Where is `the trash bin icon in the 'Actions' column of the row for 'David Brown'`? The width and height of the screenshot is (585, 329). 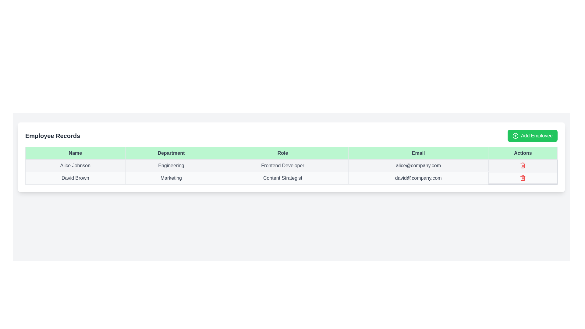 the trash bin icon in the 'Actions' column of the row for 'David Brown' is located at coordinates (523, 178).